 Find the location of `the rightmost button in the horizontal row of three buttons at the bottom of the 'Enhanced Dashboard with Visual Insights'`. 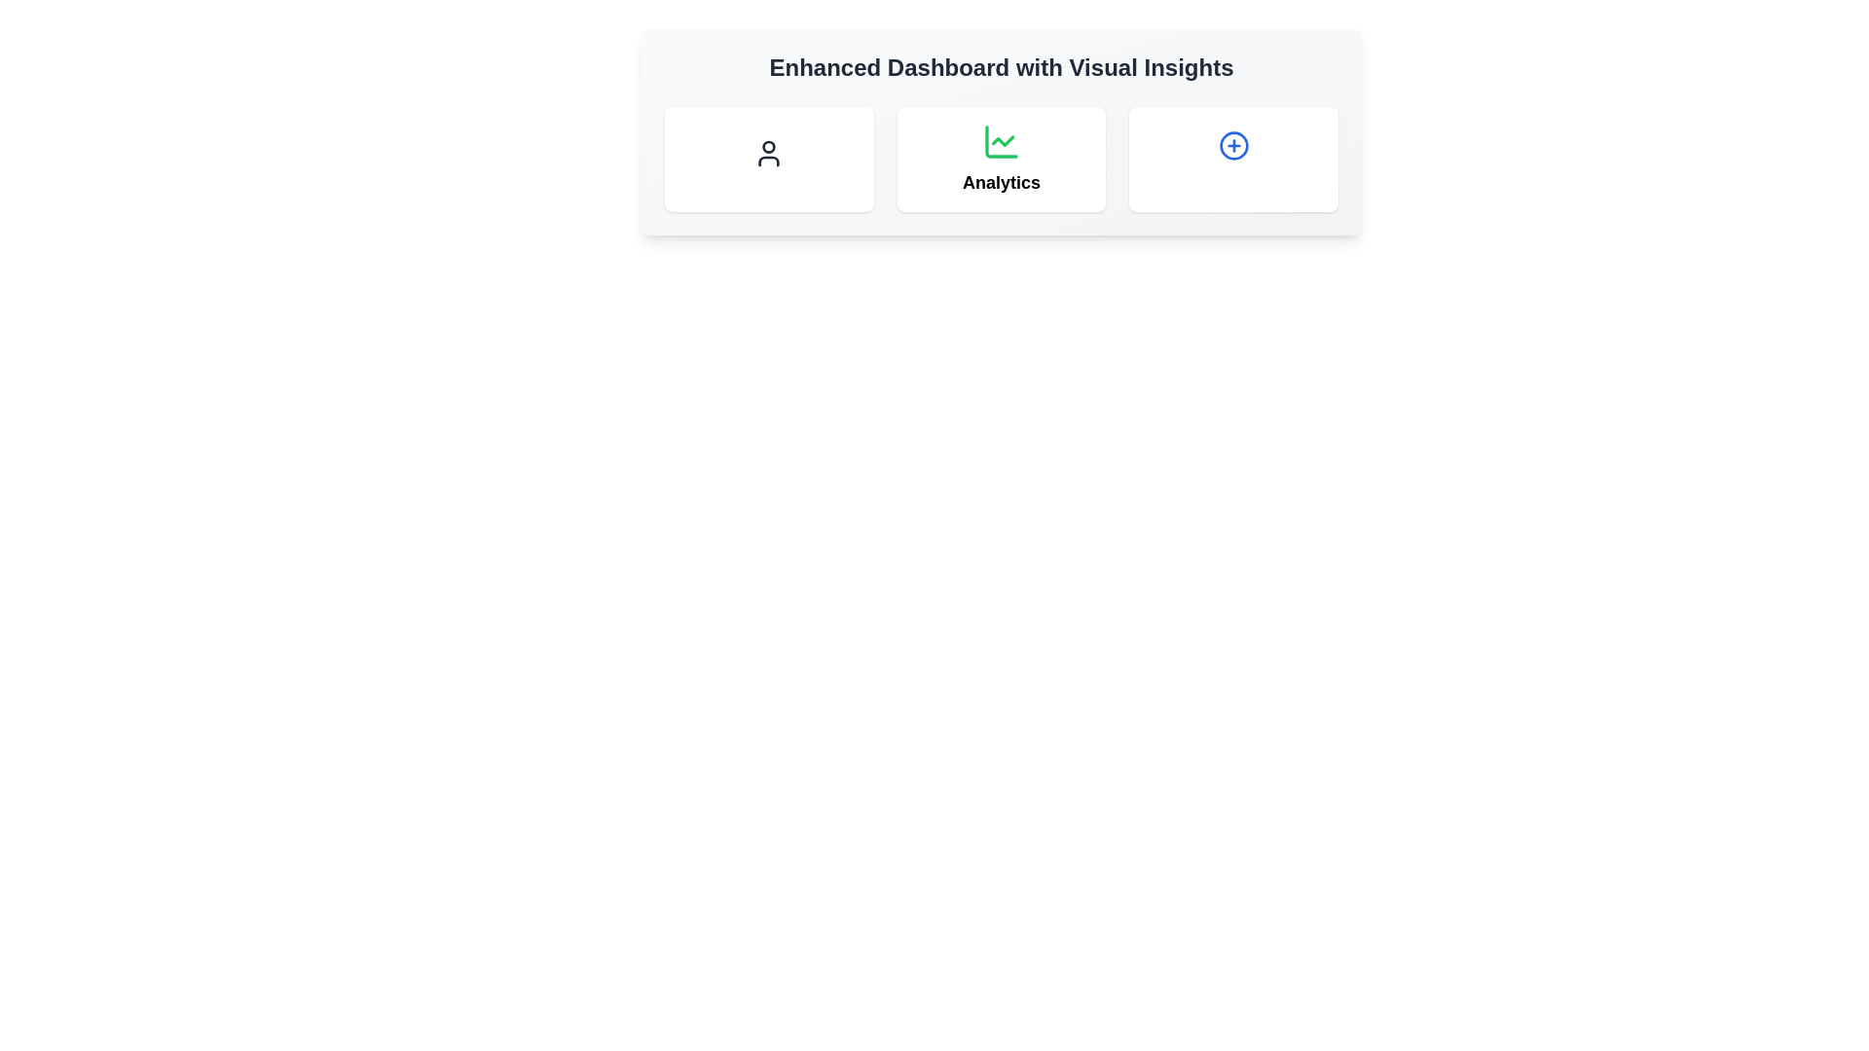

the rightmost button in the horizontal row of three buttons at the bottom of the 'Enhanced Dashboard with Visual Insights' is located at coordinates (1232, 145).